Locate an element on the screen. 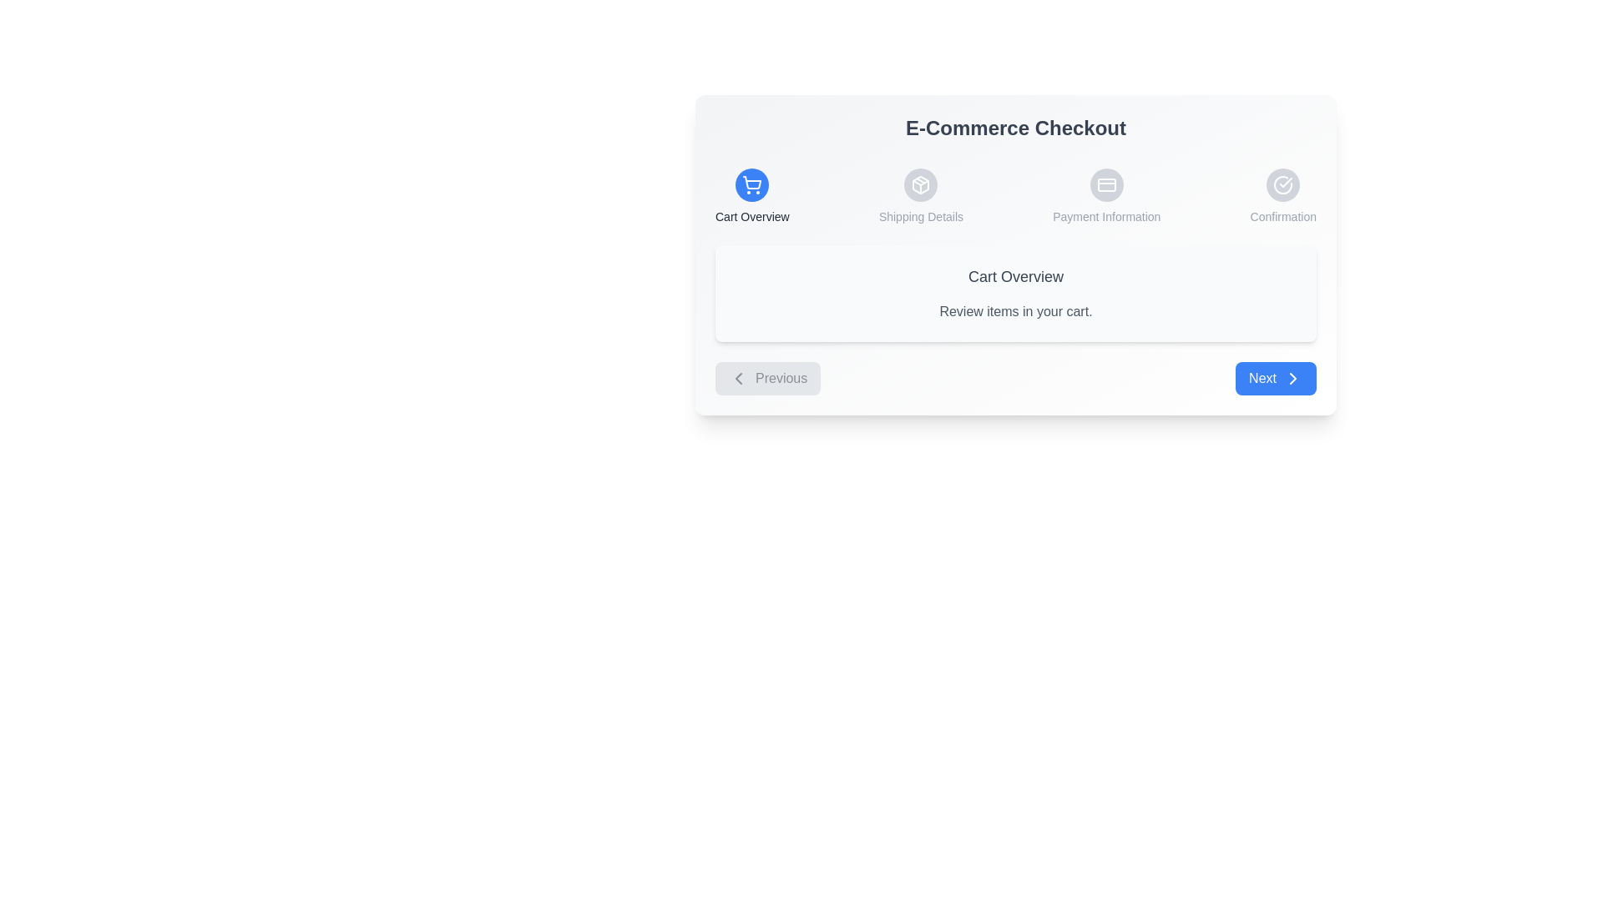 Image resolution: width=1603 pixels, height=901 pixels. the visual indicator icon in the top-right section of the interface that signals the Confirmation step of a multi-step process is located at coordinates (1282, 185).